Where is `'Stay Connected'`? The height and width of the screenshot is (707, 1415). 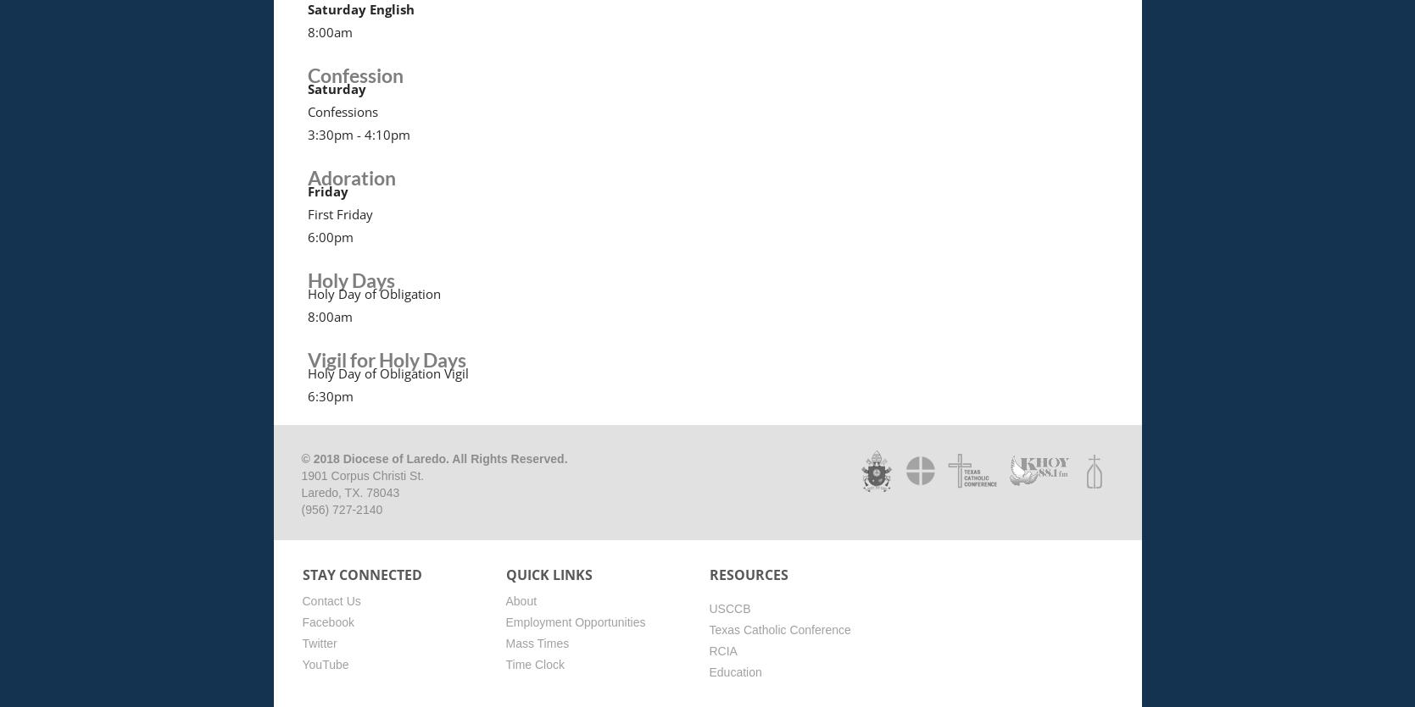 'Stay Connected' is located at coordinates (360, 574).